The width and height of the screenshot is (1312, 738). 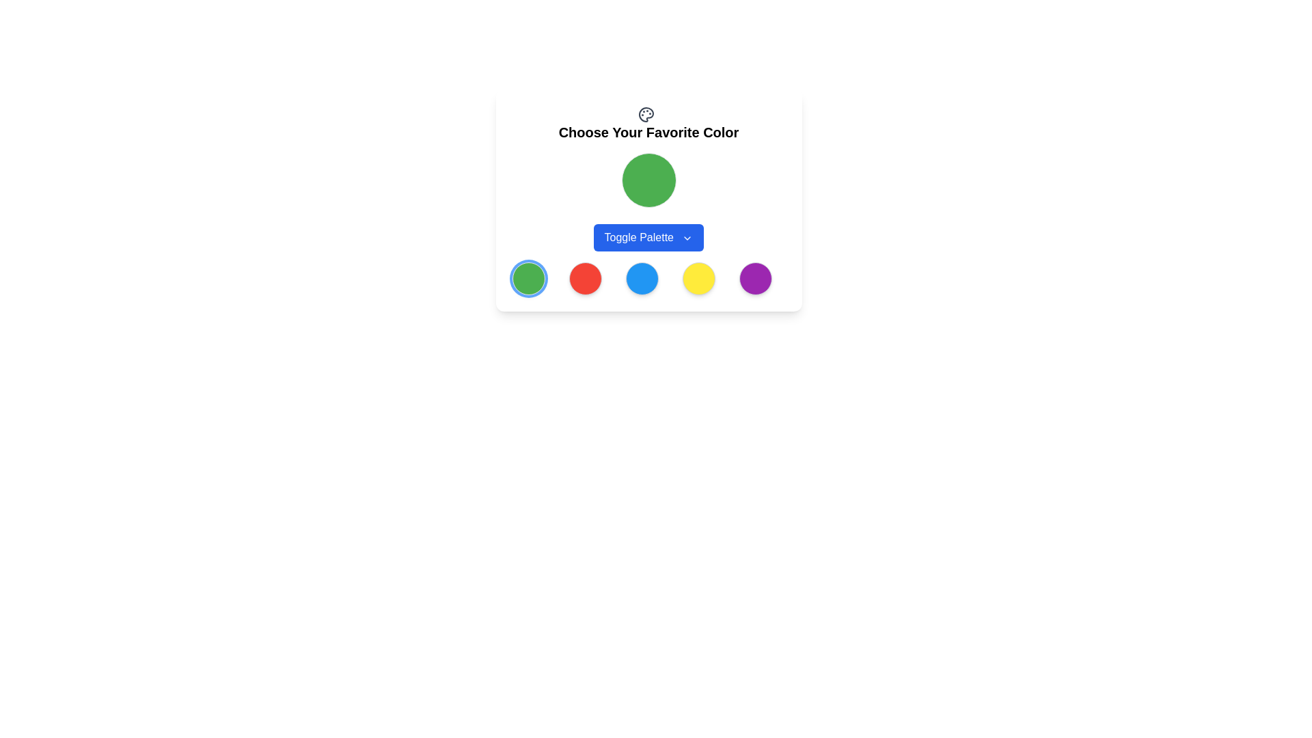 What do you see at coordinates (687, 237) in the screenshot?
I see `the 'Toggle Palette' button which contains a small downward-pointing chevron icon to the right of the text` at bounding box center [687, 237].